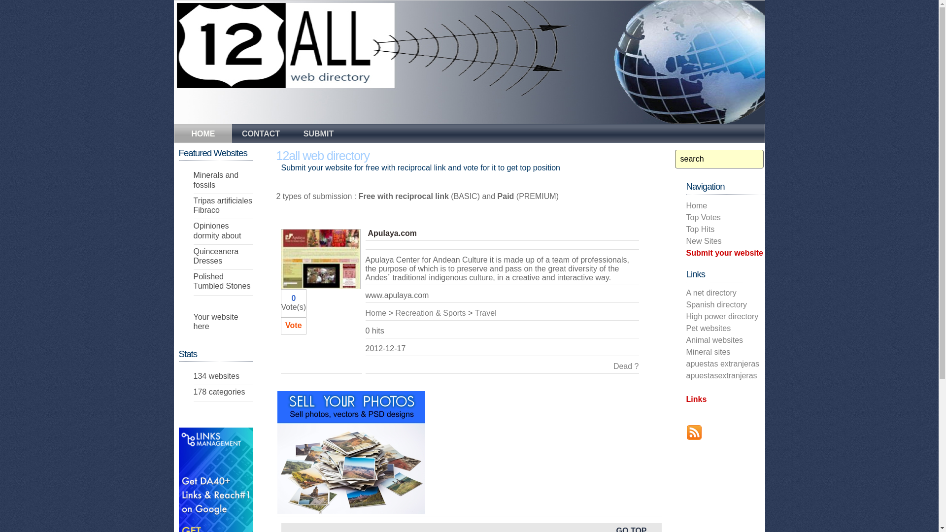 The width and height of the screenshot is (946, 532). What do you see at coordinates (626, 366) in the screenshot?
I see `'Dead ?'` at bounding box center [626, 366].